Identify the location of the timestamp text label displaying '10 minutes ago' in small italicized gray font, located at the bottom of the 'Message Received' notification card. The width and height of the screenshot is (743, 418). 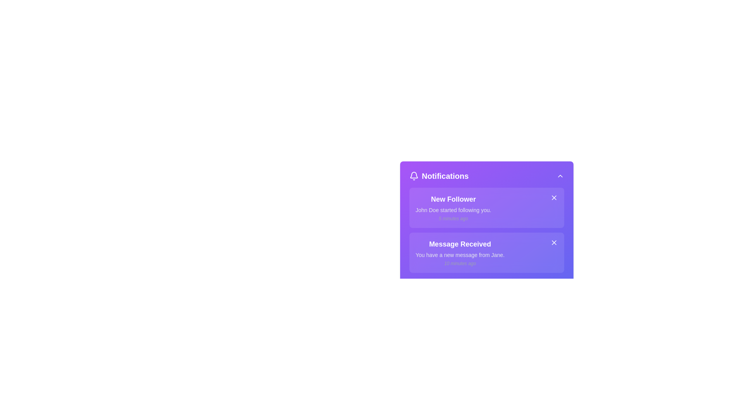
(460, 263).